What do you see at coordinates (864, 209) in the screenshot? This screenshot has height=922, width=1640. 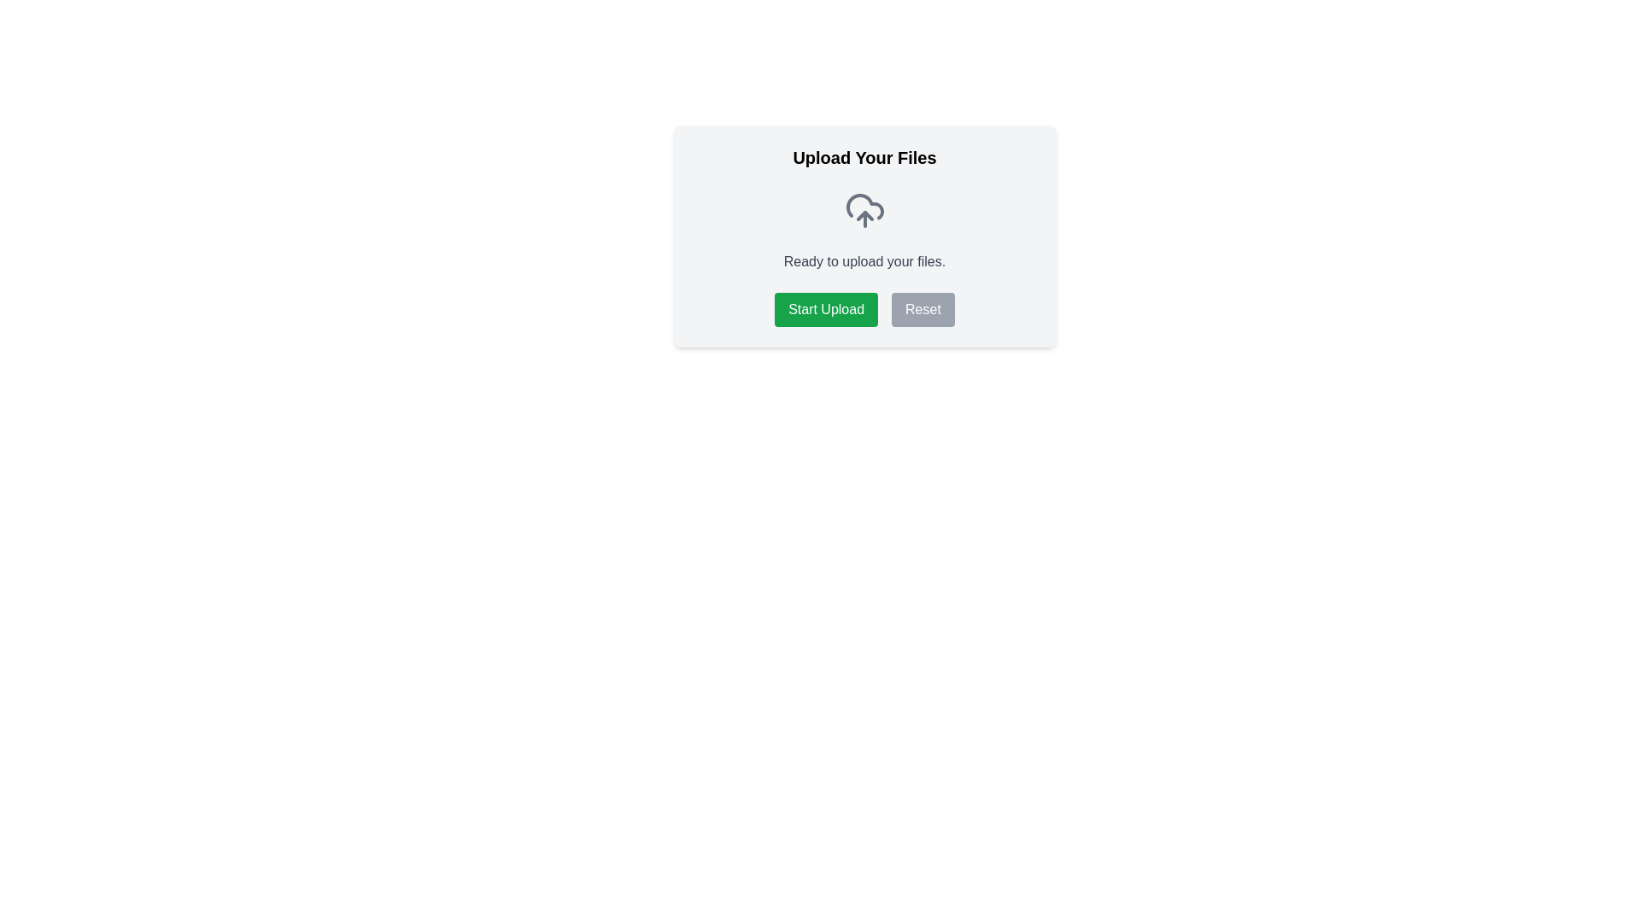 I see `the cloud upload icon located at the center of the modal titled 'Upload Your Files'` at bounding box center [864, 209].